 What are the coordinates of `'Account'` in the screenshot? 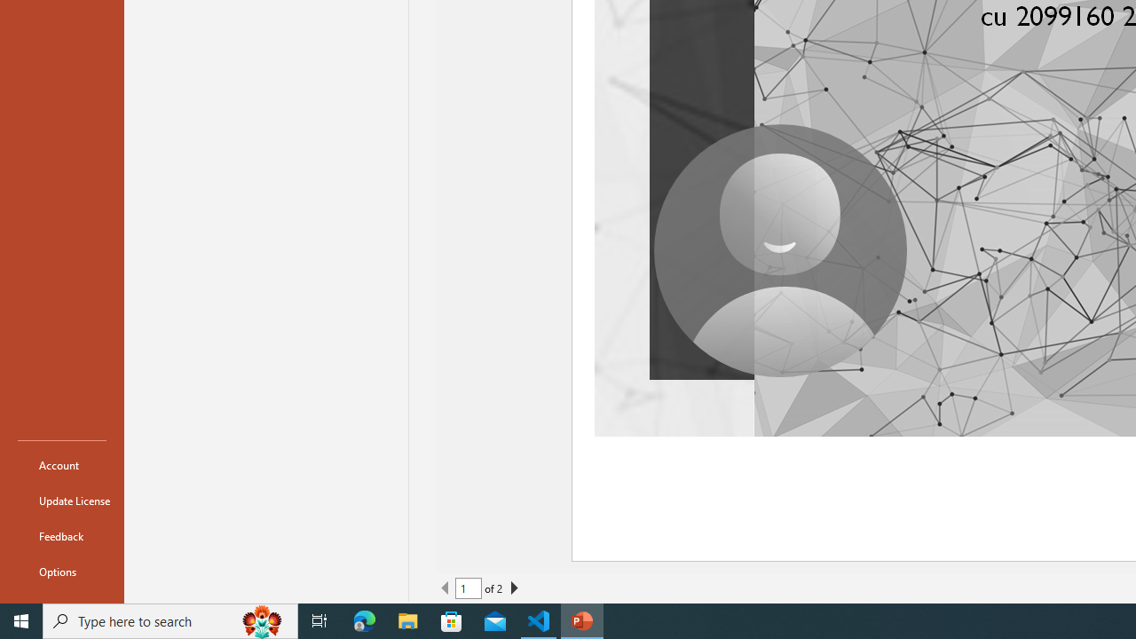 It's located at (61, 464).